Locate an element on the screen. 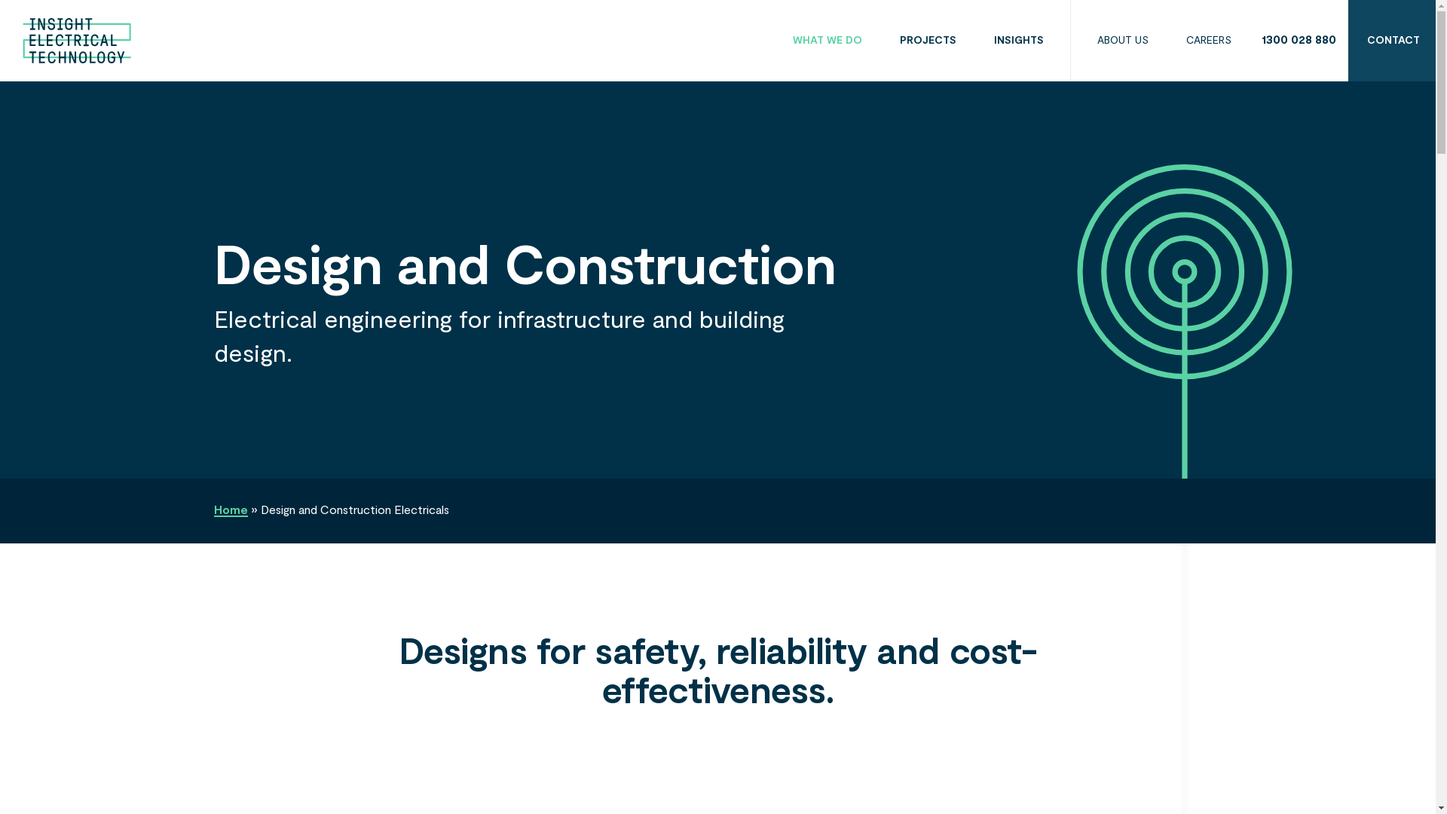  'WHAT WE DO' is located at coordinates (827, 40).